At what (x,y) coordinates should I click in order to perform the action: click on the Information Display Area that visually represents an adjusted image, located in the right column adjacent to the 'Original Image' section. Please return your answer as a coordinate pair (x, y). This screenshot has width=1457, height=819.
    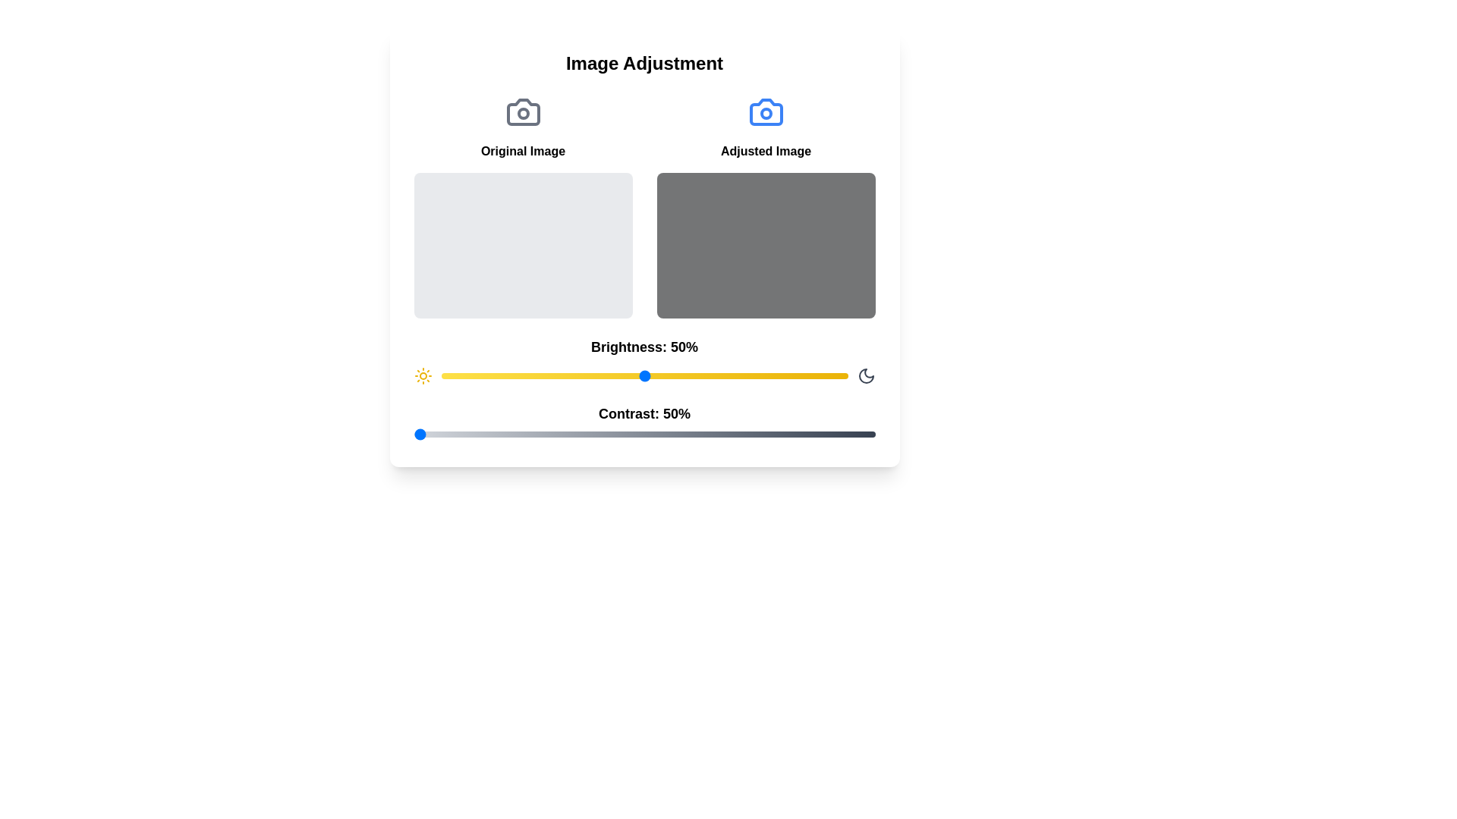
    Looking at the image, I should click on (766, 206).